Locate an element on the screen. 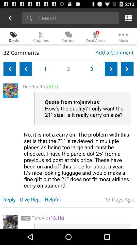 The height and width of the screenshot is (245, 137). previous is located at coordinates (10, 69).